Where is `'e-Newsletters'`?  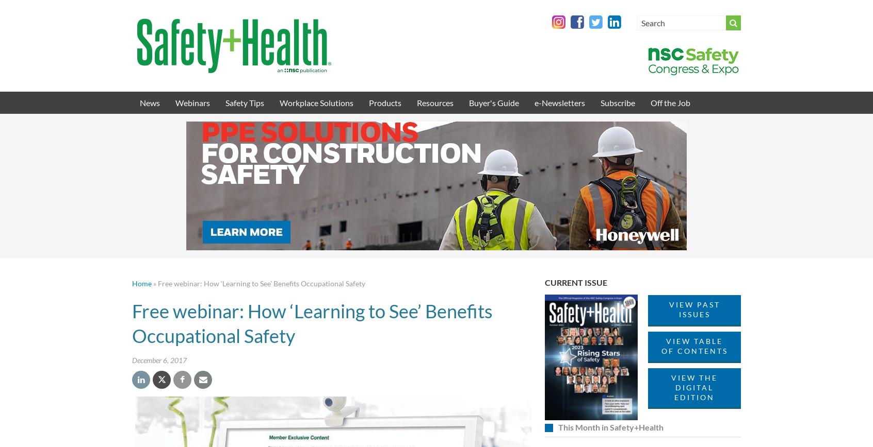 'e-Newsletters' is located at coordinates (560, 102).